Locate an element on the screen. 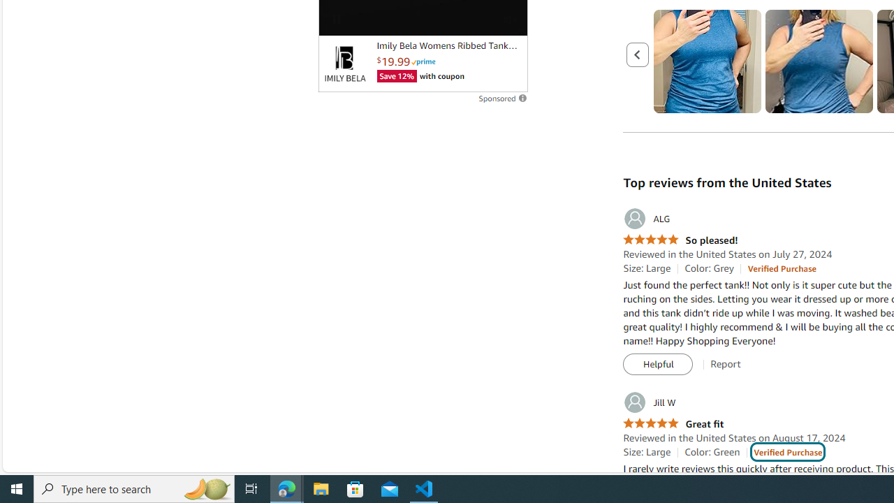 This screenshot has height=503, width=894. '5.0 out of 5 stars So pleased!' is located at coordinates (680, 240).